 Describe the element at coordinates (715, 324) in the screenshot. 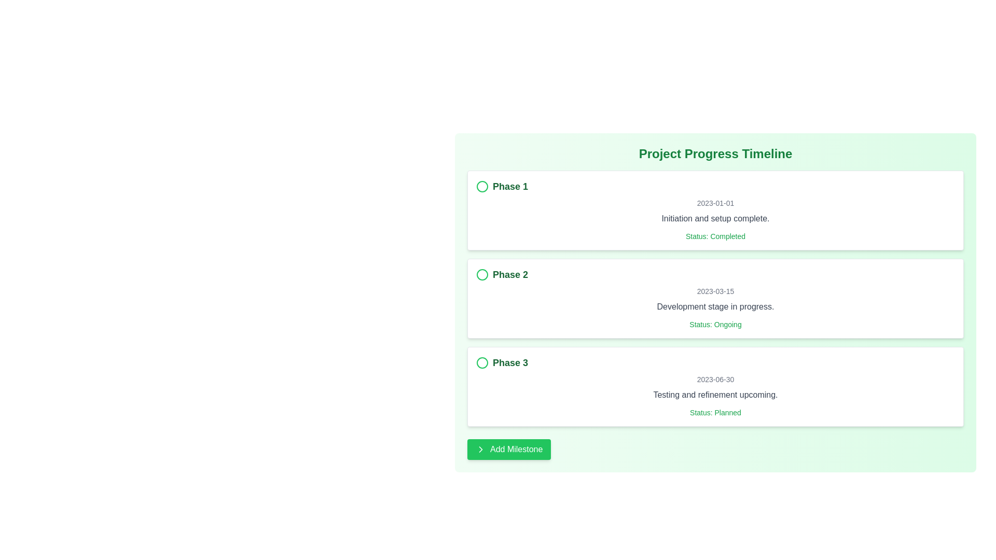

I see `text content of the Text label element that displays 'Status: Ongoing', which is located in the lower portion of the 'Phase 2' section of the project timeline` at that location.